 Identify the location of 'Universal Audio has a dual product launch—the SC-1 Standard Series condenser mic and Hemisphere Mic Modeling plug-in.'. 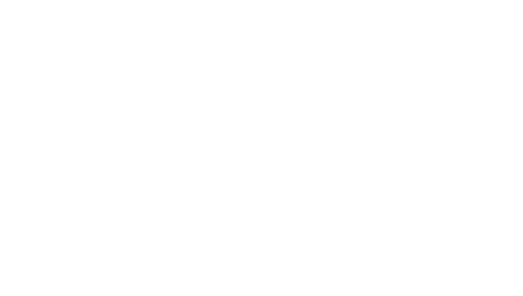
(242, 241).